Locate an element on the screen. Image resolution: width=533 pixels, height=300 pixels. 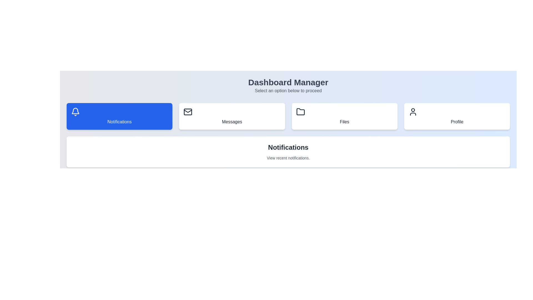
the profile navigation button located under the 'Dashboard Manager' title is located at coordinates (457, 116).